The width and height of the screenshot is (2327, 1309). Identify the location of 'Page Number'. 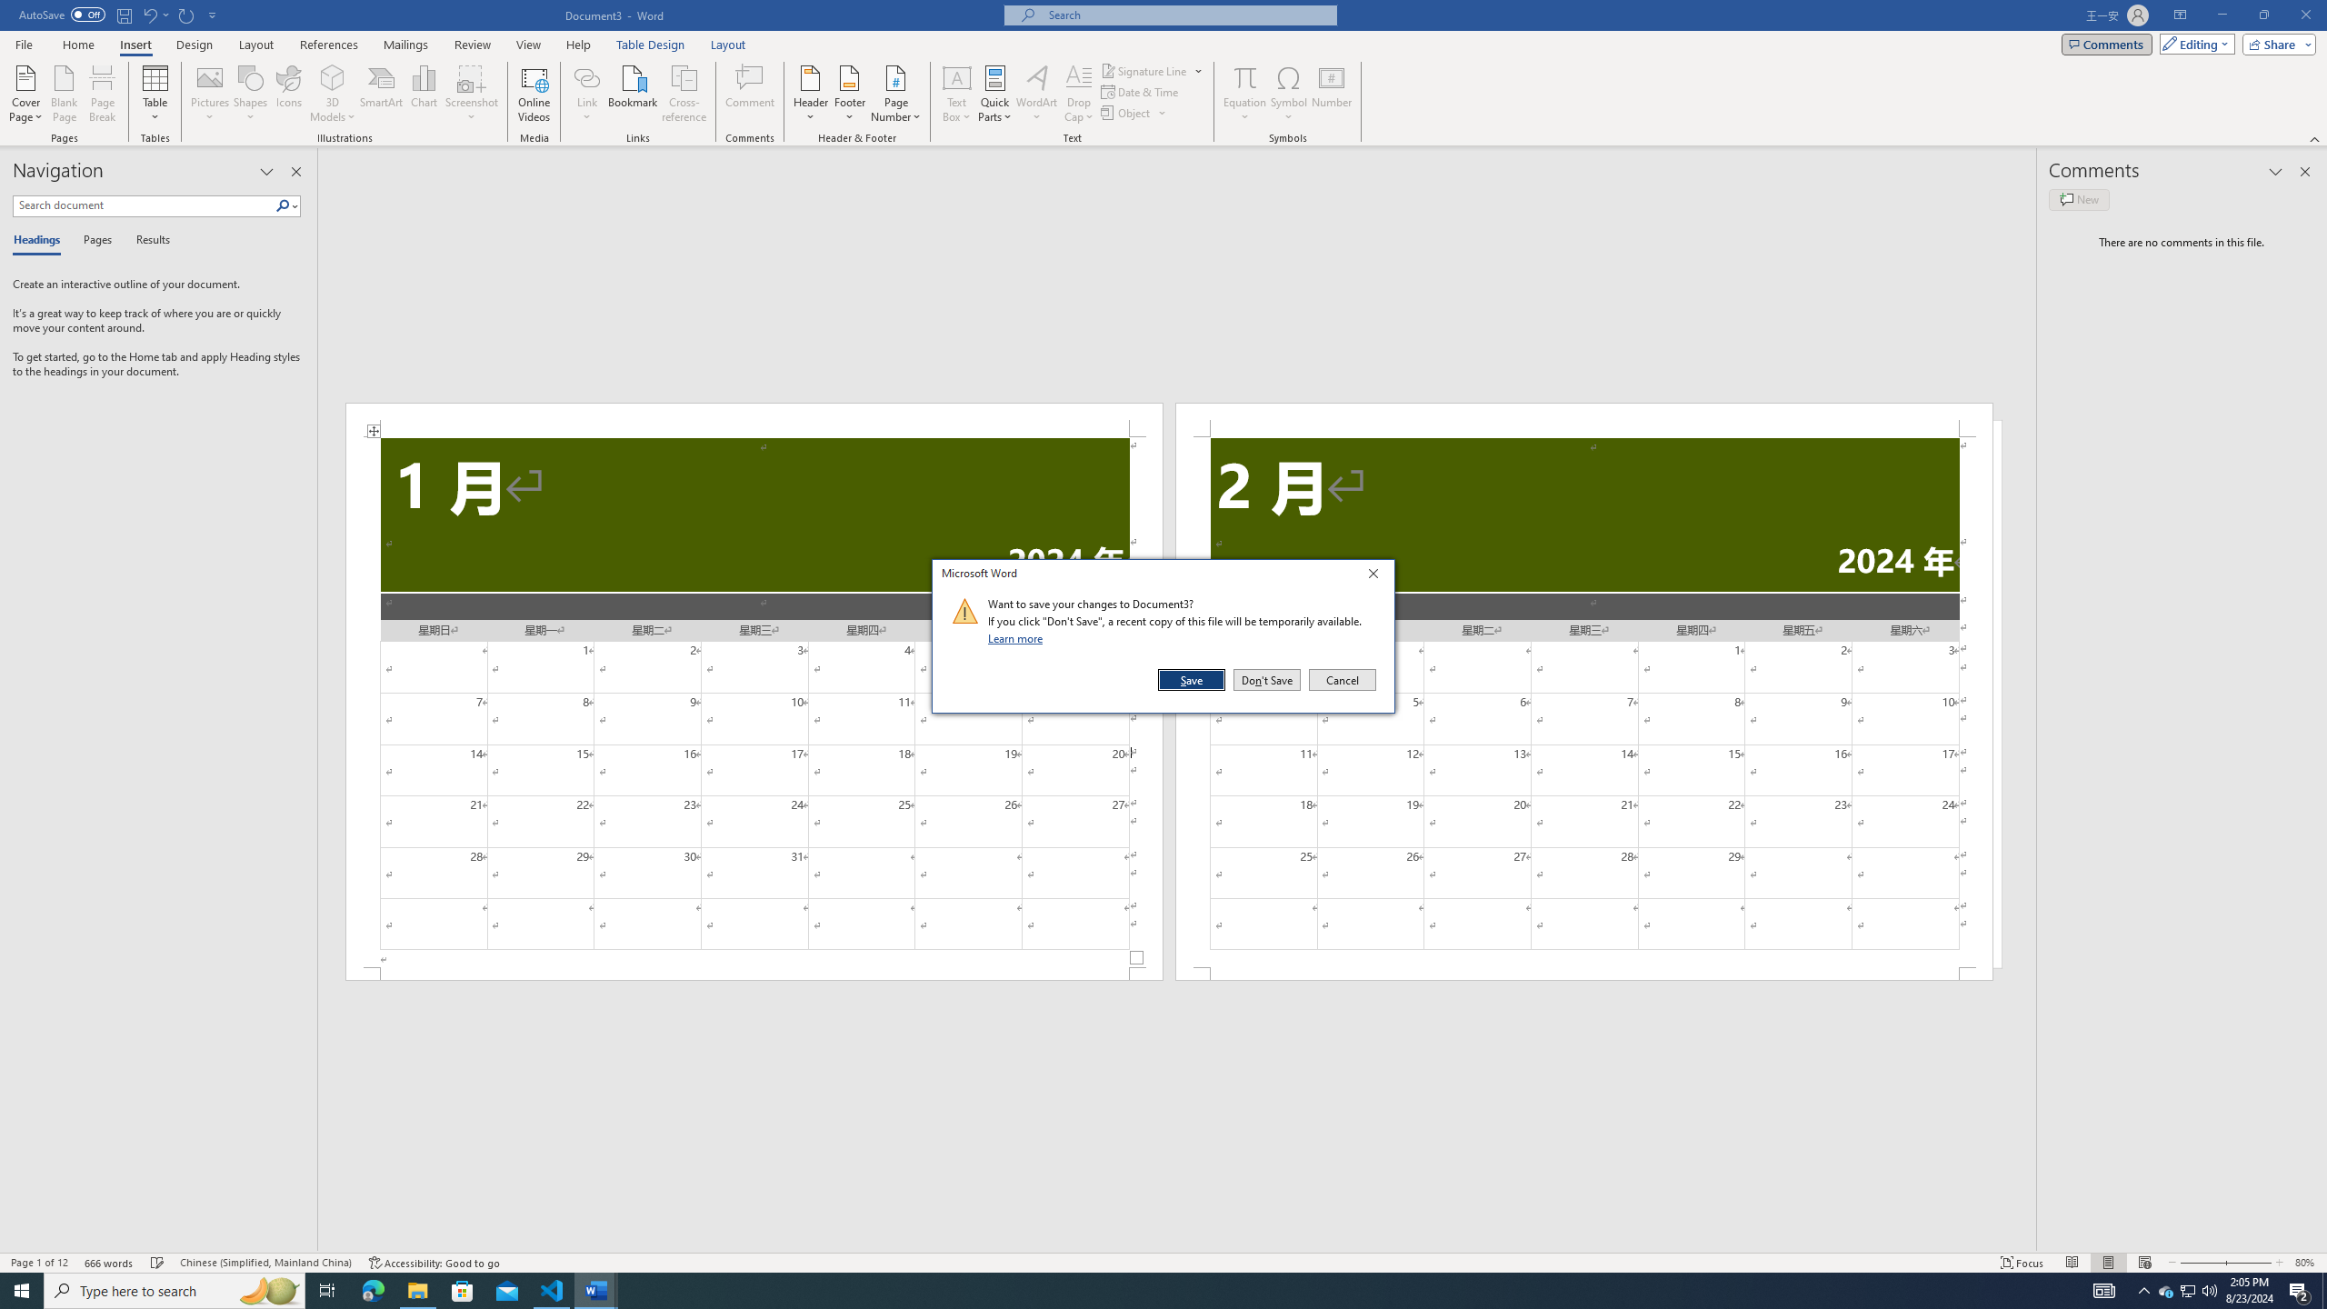
(895, 94).